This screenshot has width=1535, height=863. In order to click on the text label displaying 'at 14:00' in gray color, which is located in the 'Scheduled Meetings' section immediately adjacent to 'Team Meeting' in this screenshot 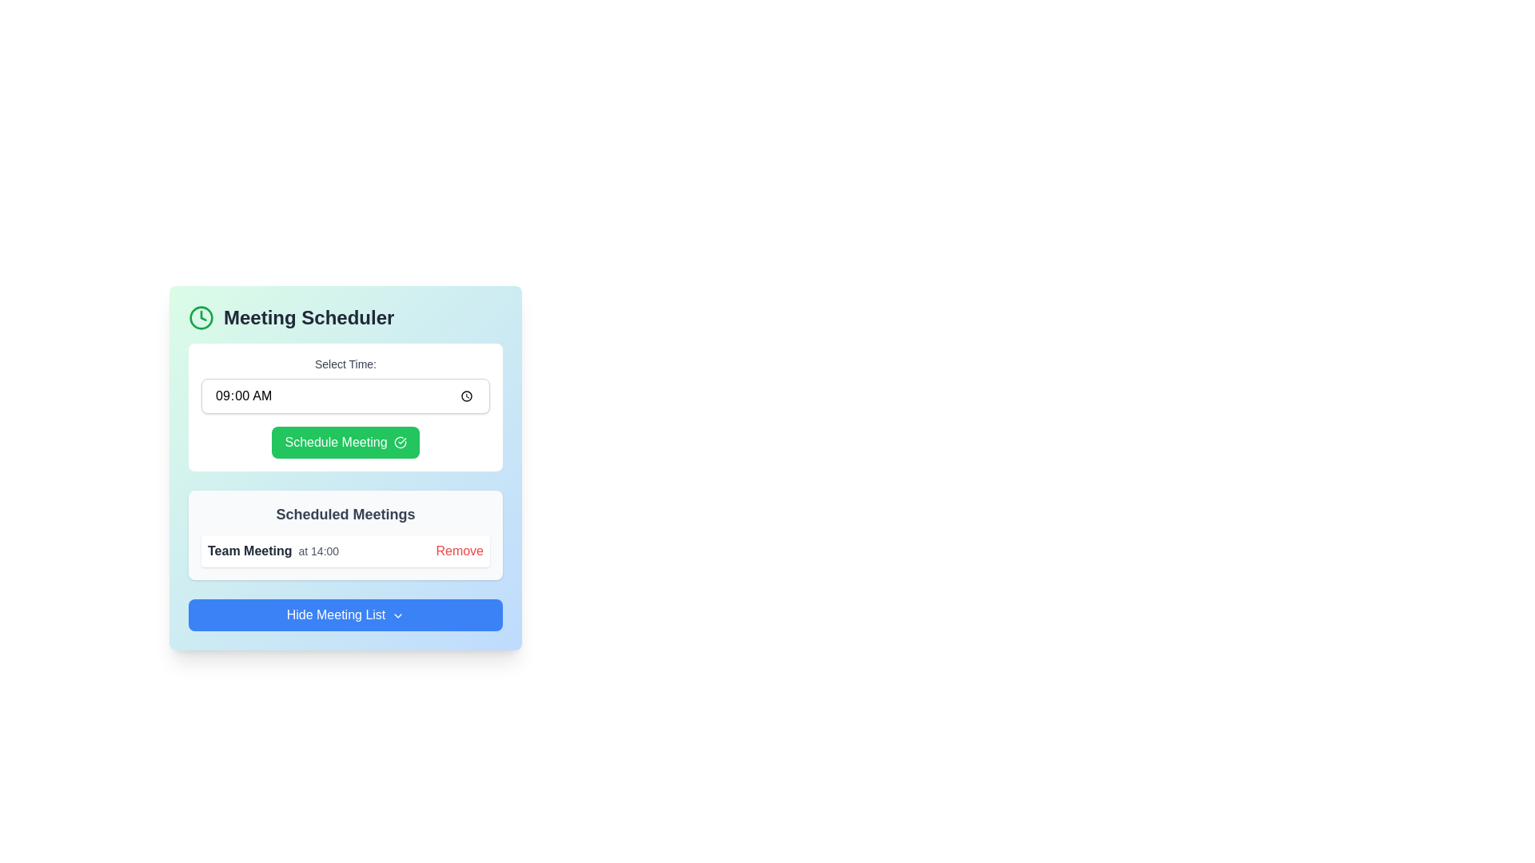, I will do `click(318, 551)`.